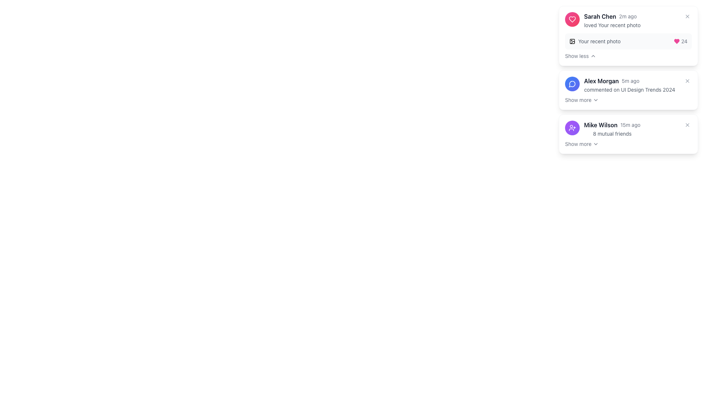 The image size is (704, 396). What do you see at coordinates (612, 25) in the screenshot?
I see `the Text label in the first notification card that provides a brief description of an interaction, located below the user's name 'Sarah Chen' and above the text 'Your recent photo'` at bounding box center [612, 25].